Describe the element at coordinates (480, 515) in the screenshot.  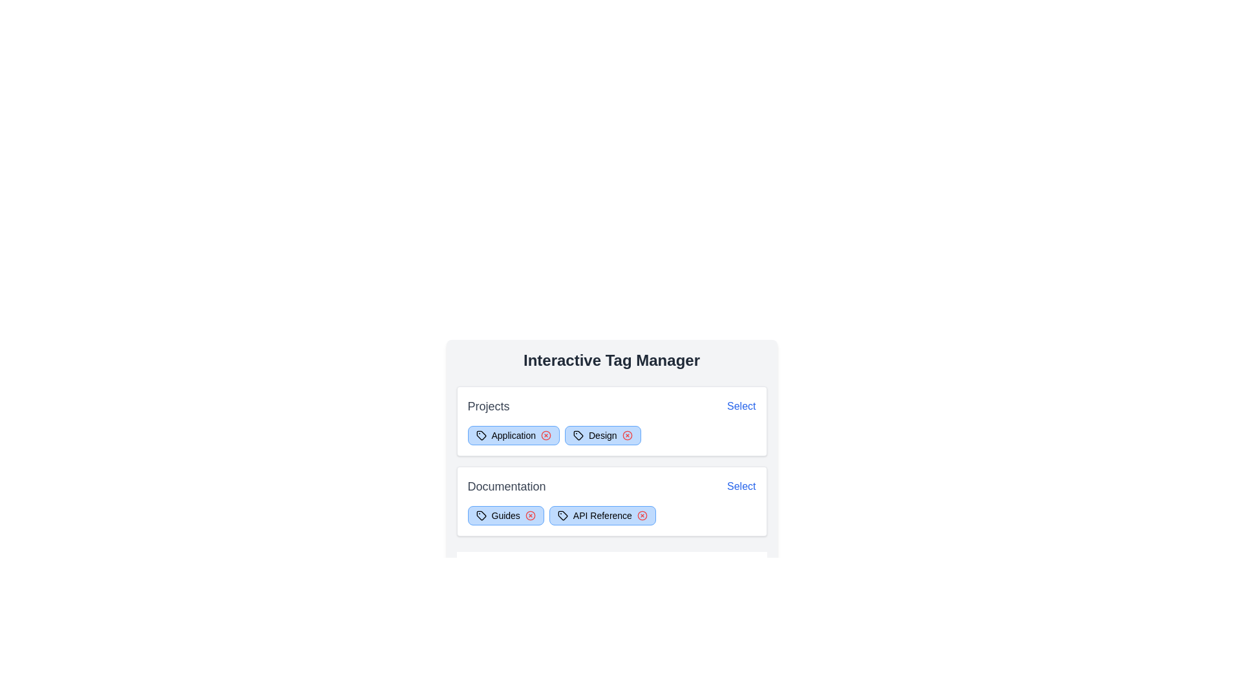
I see `the icon resembling a tag glyph located to the left of the text 'Guides' in the blue tag within the 'Documentation' section` at that location.